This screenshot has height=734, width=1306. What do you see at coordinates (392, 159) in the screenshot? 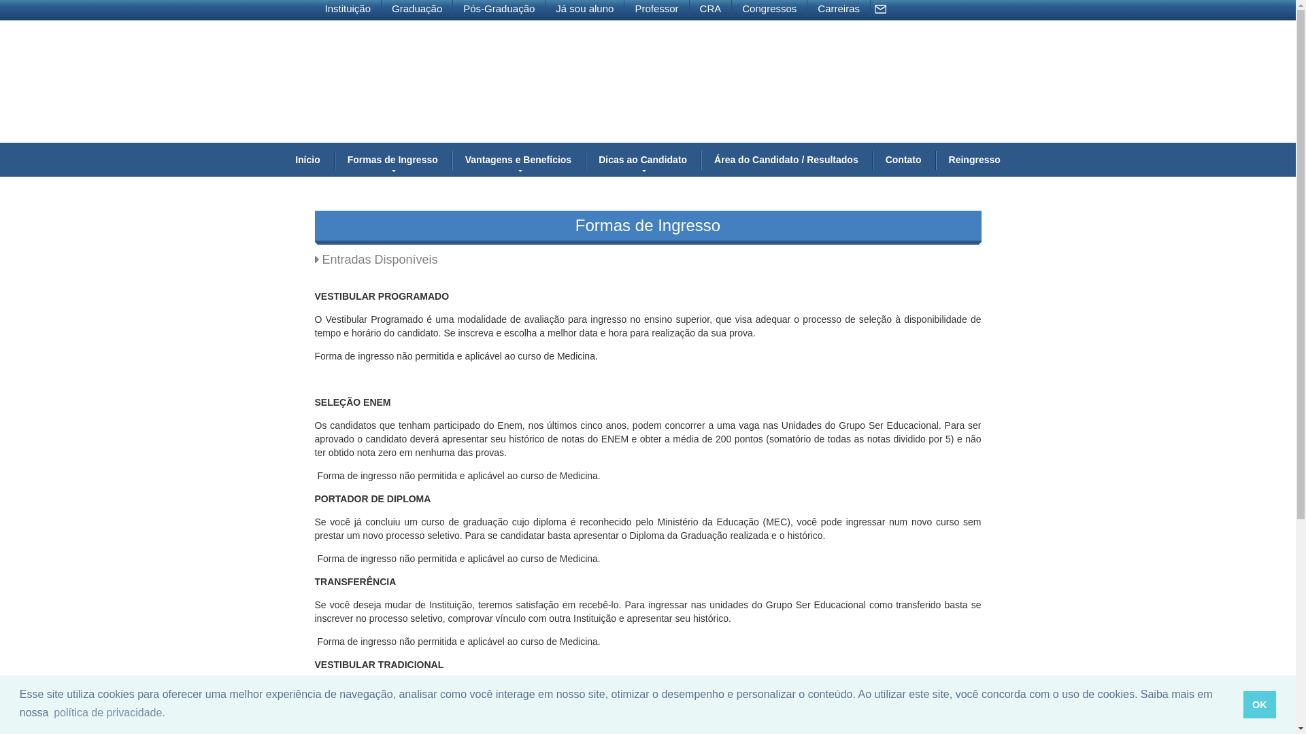
I see `'Formas de Ingresso'` at bounding box center [392, 159].